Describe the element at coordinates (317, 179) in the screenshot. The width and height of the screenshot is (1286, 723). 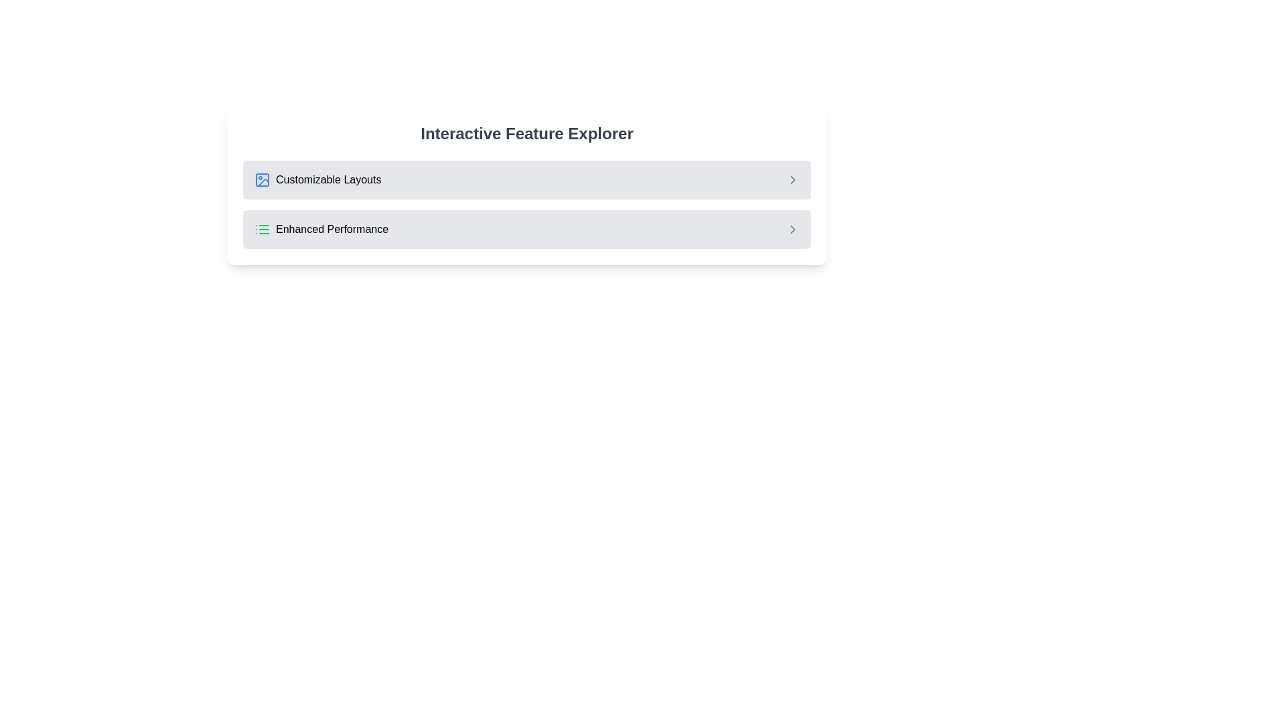
I see `the 'Customizable Layouts' list item located in the horizontal bar under 'Interactive Feature Explorer'` at that location.